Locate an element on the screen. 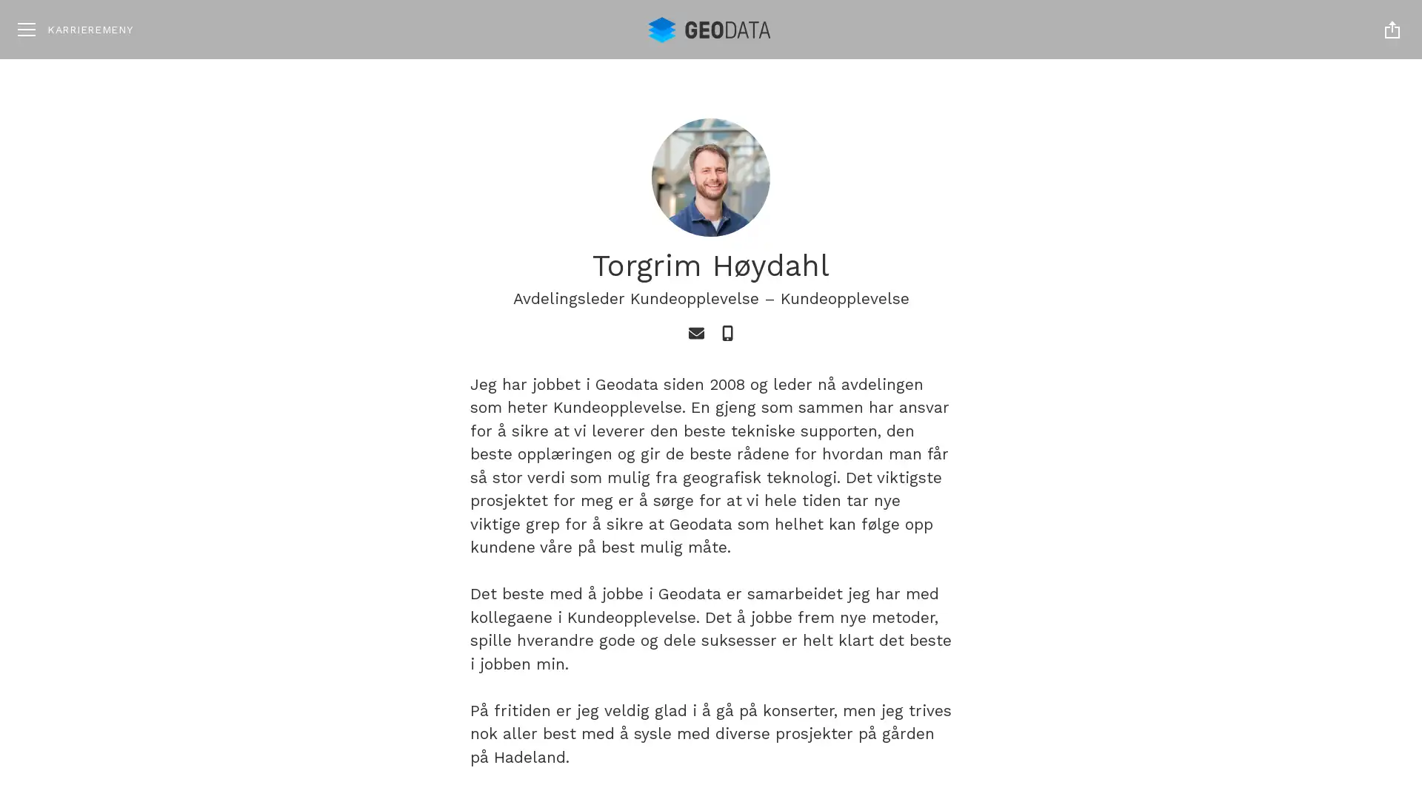  Godta alle is located at coordinates (1252, 630).